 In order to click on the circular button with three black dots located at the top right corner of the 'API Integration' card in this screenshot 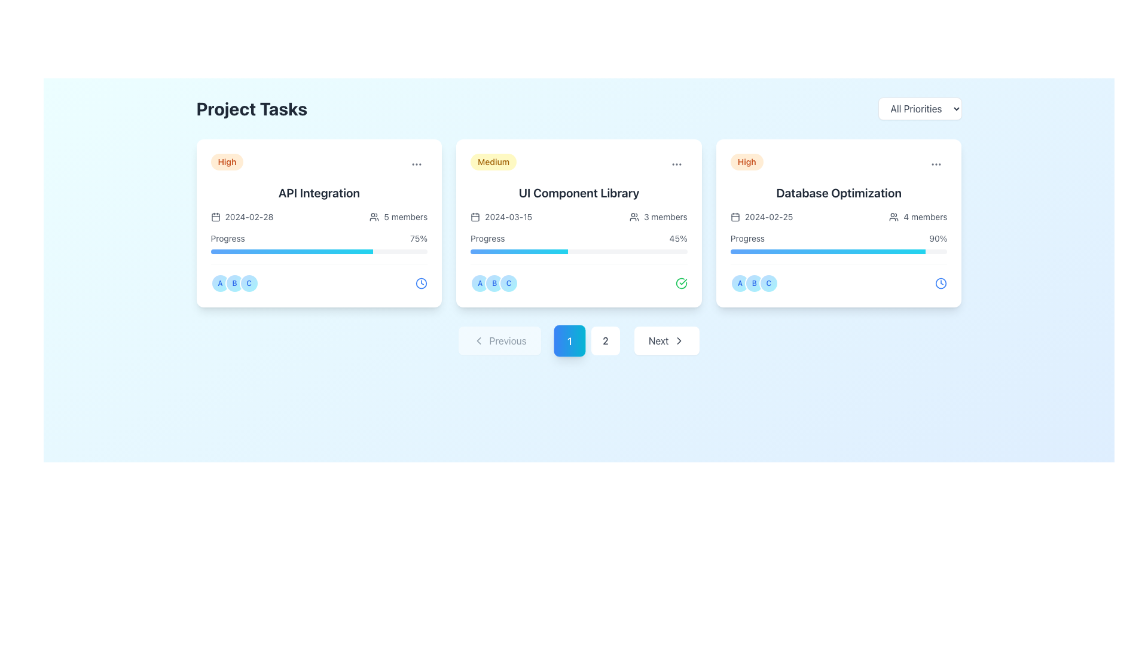, I will do `click(417, 164)`.